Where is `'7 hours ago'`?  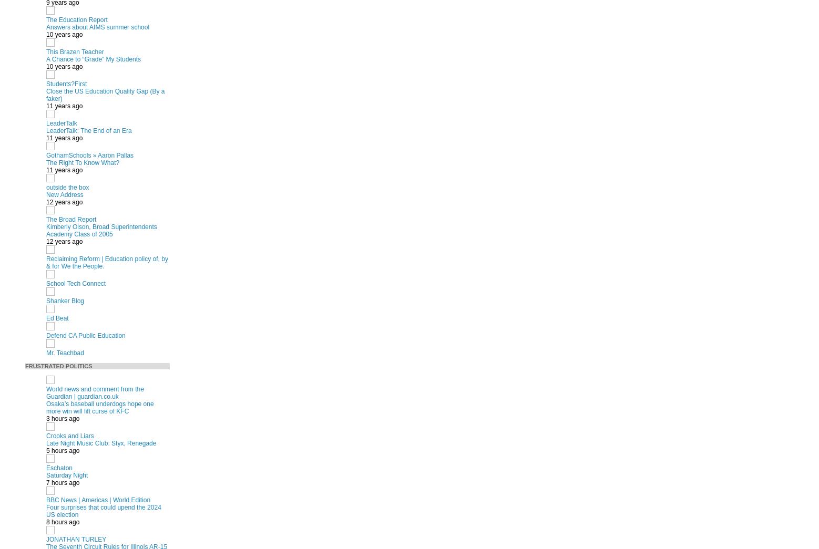 '7 hours ago' is located at coordinates (62, 482).